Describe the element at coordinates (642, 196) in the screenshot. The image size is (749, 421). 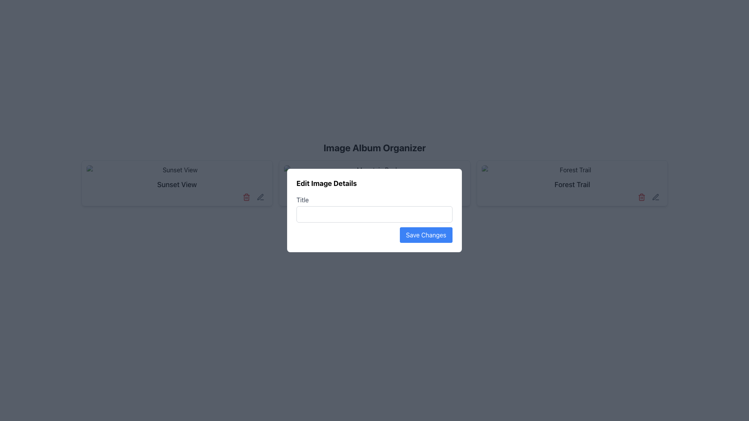
I see `the trash can icon button located at the bottom right corner of the 'Forest Trail' card` at that location.